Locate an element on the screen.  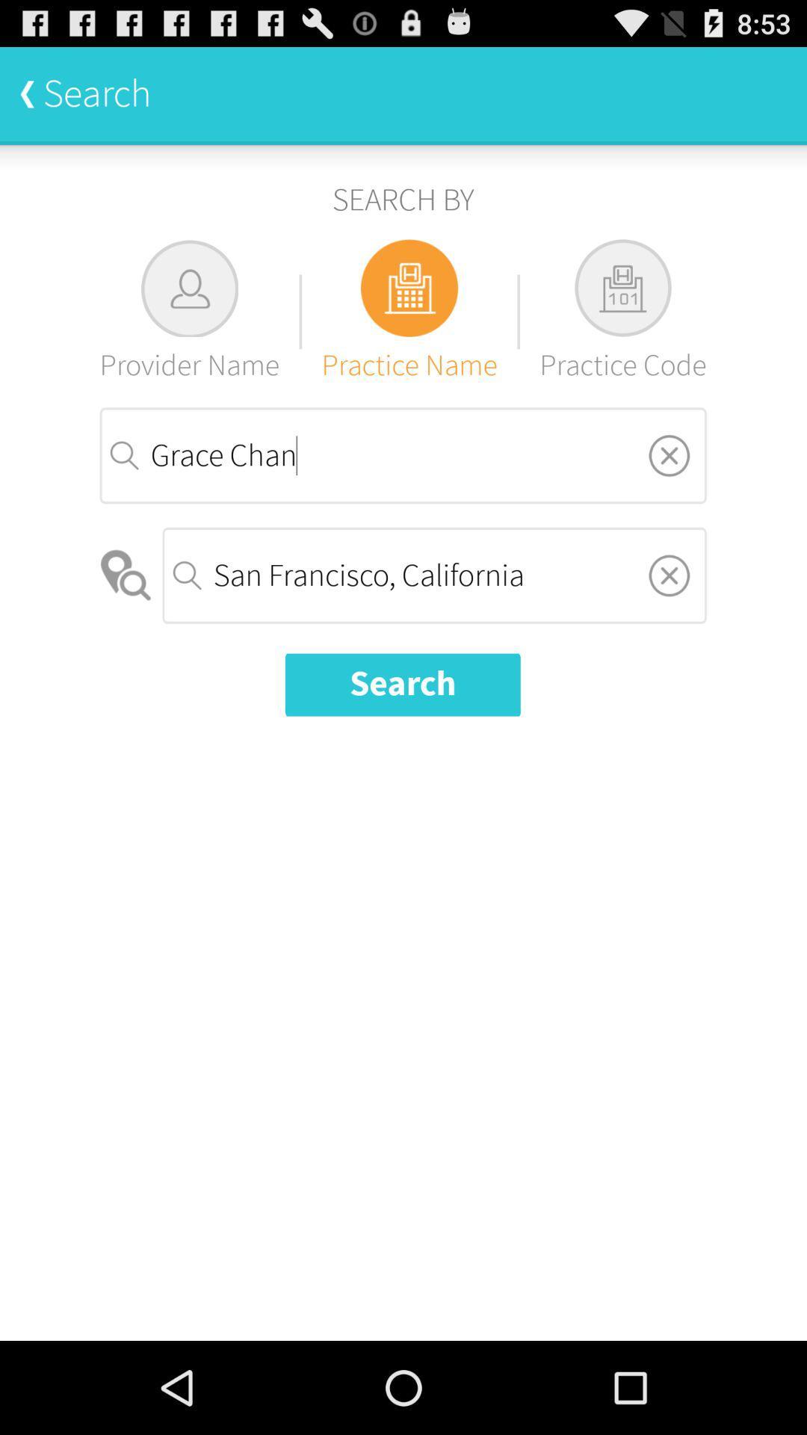
the item above the grace chan is located at coordinates (622, 311).